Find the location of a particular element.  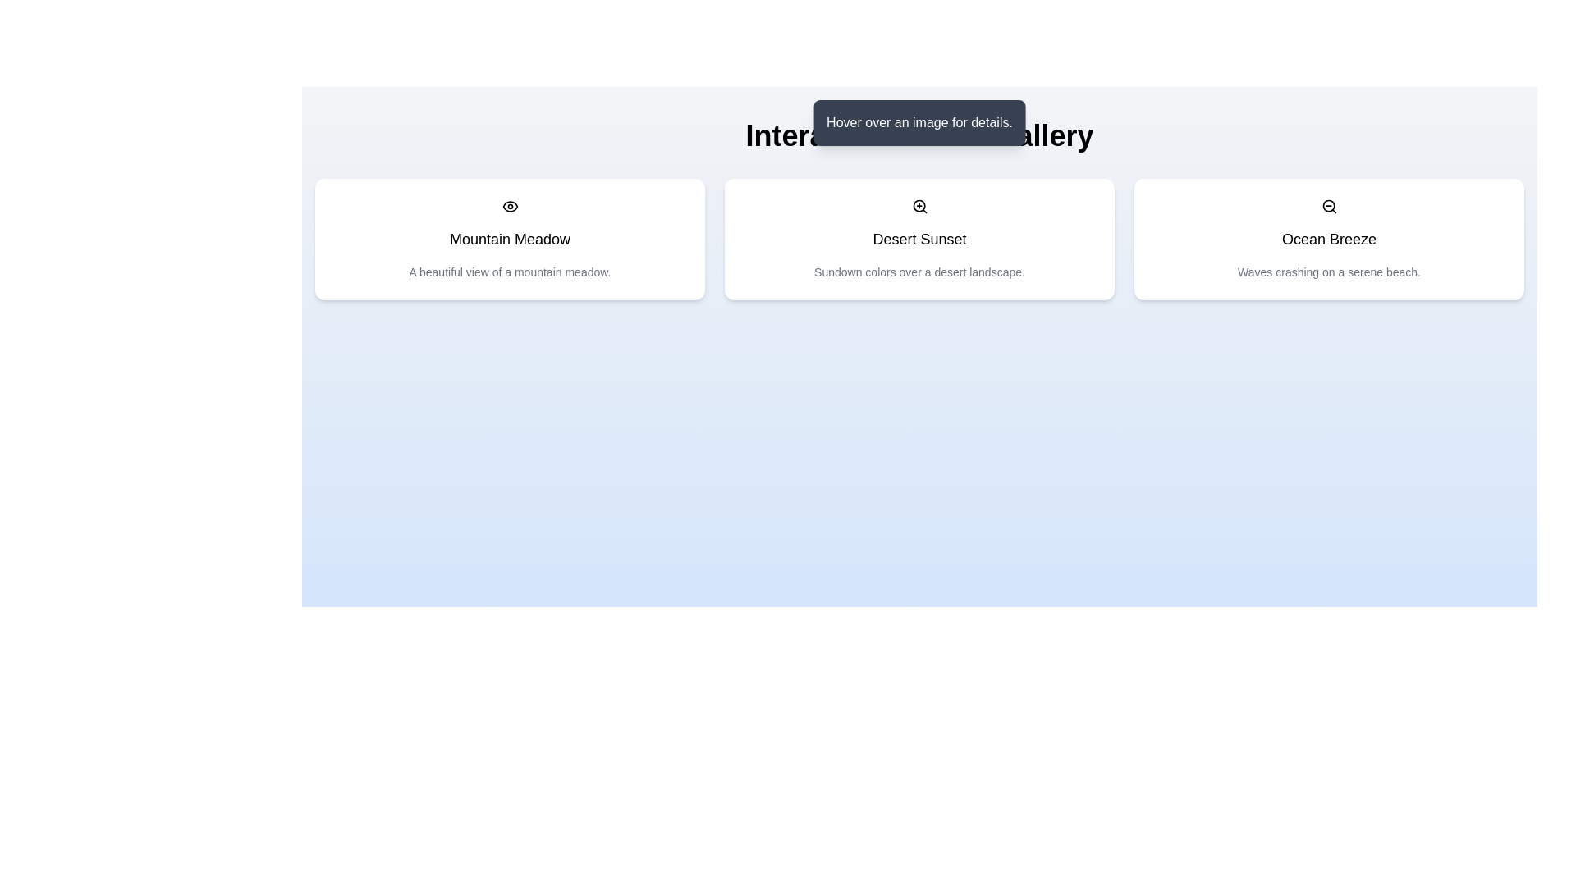

text label that contains the description 'A beautiful view of a mountain meadow.' positioned below the title 'Mountain Meadow' and an eye icon is located at coordinates (509, 271).